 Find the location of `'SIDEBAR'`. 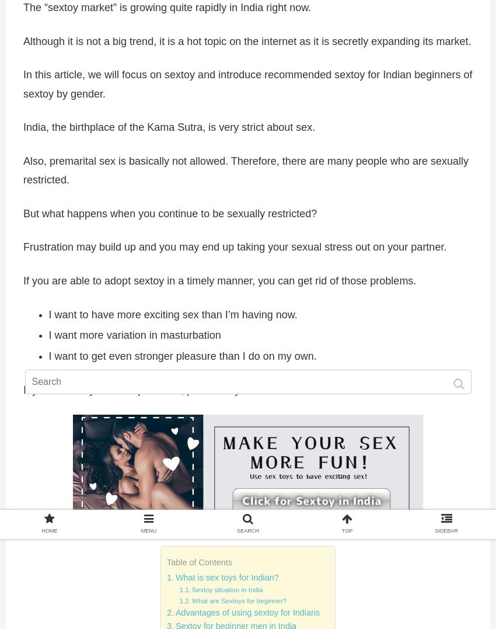

'SIDEBAR' is located at coordinates (446, 530).